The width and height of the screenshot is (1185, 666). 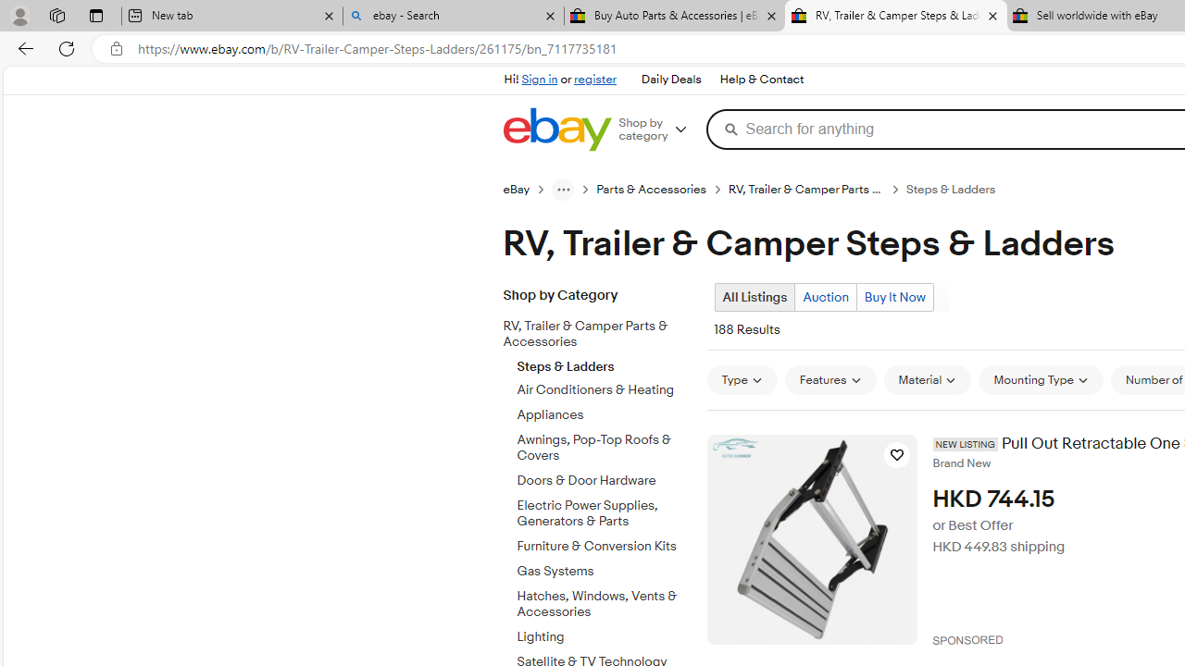 I want to click on 'Help & Contact', so click(x=762, y=80).